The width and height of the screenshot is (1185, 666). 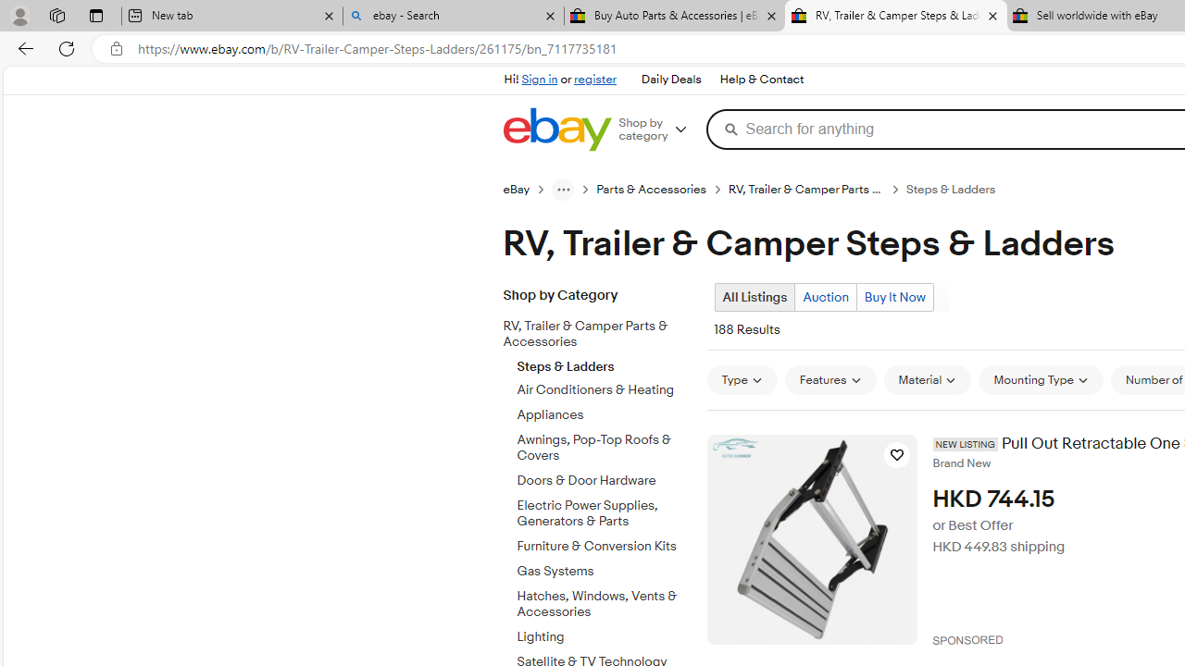 I want to click on 'Help & Contact', so click(x=762, y=80).